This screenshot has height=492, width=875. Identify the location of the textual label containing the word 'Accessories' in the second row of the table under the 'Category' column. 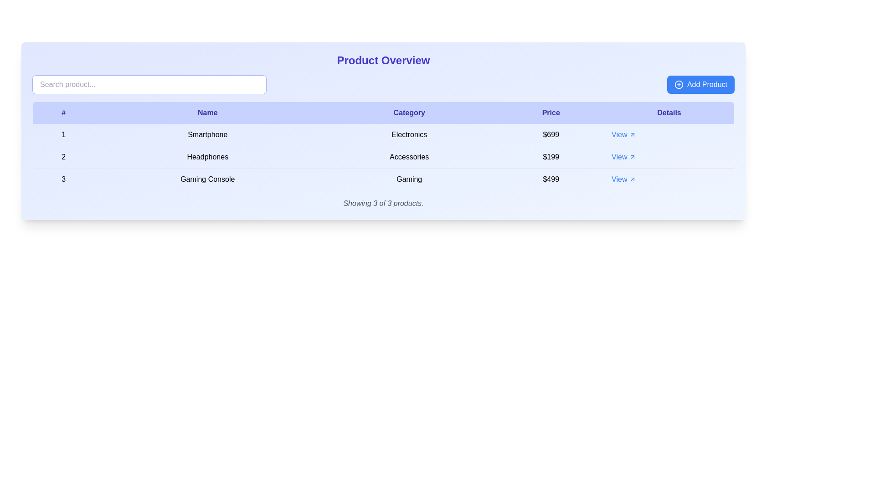
(409, 156).